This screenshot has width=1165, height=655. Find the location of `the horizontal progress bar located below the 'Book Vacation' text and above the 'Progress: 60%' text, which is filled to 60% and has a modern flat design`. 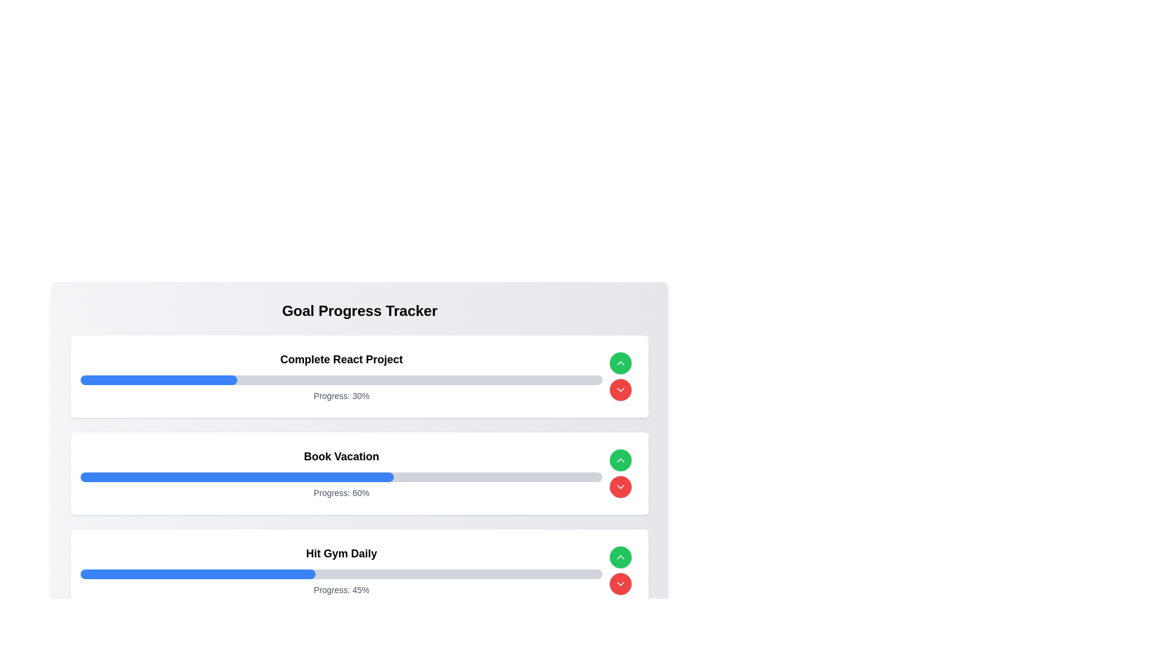

the horizontal progress bar located below the 'Book Vacation' text and above the 'Progress: 60%' text, which is filled to 60% and has a modern flat design is located at coordinates (340, 476).